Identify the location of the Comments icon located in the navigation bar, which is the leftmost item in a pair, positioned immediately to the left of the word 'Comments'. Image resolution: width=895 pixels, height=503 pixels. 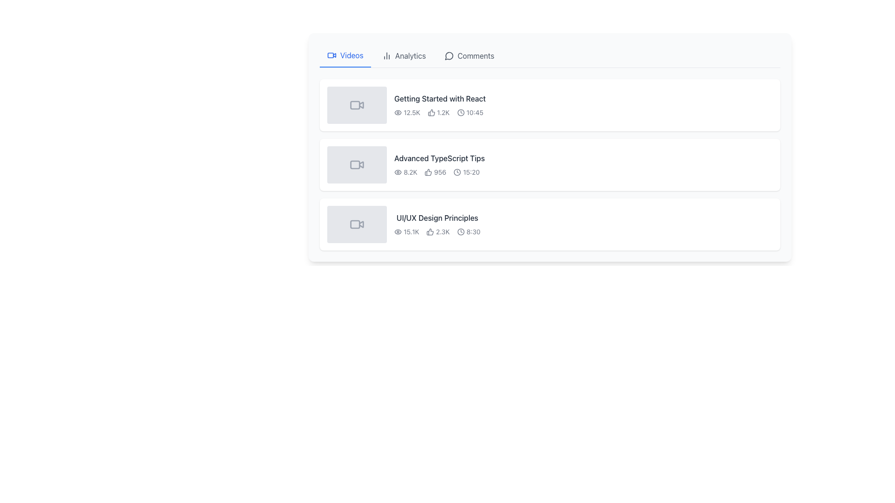
(449, 55).